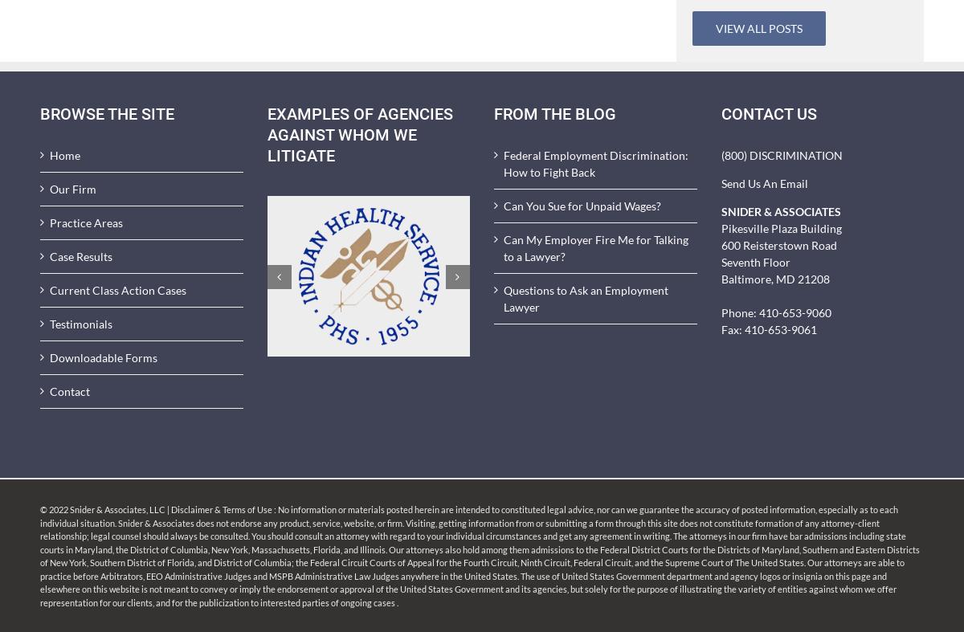 Image resolution: width=964 pixels, height=632 pixels. What do you see at coordinates (768, 329) in the screenshot?
I see `'Fax: 410-653-9061'` at bounding box center [768, 329].